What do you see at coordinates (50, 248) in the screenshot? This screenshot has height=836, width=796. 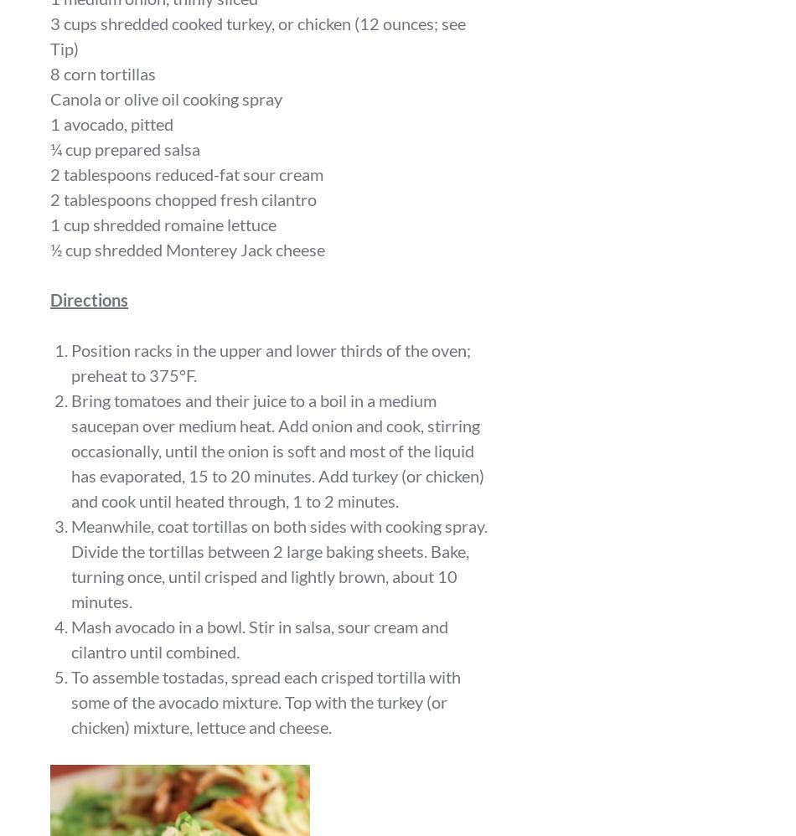 I see `'½ cup shredded Monterey Jack cheese'` at bounding box center [50, 248].